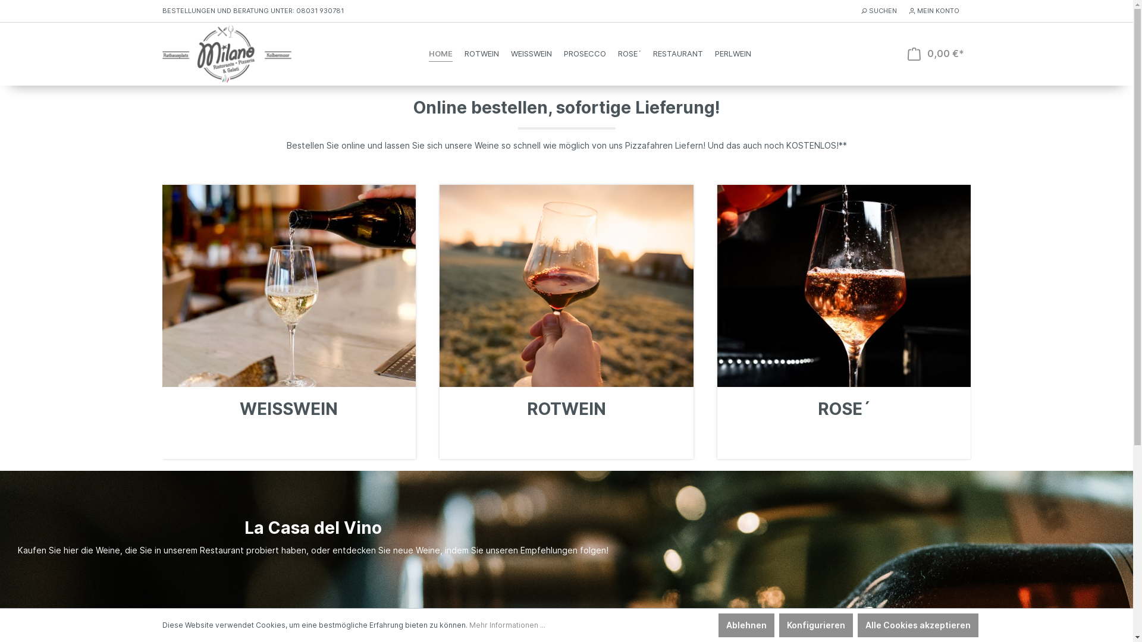  What do you see at coordinates (745, 625) in the screenshot?
I see `'Ablehnen'` at bounding box center [745, 625].